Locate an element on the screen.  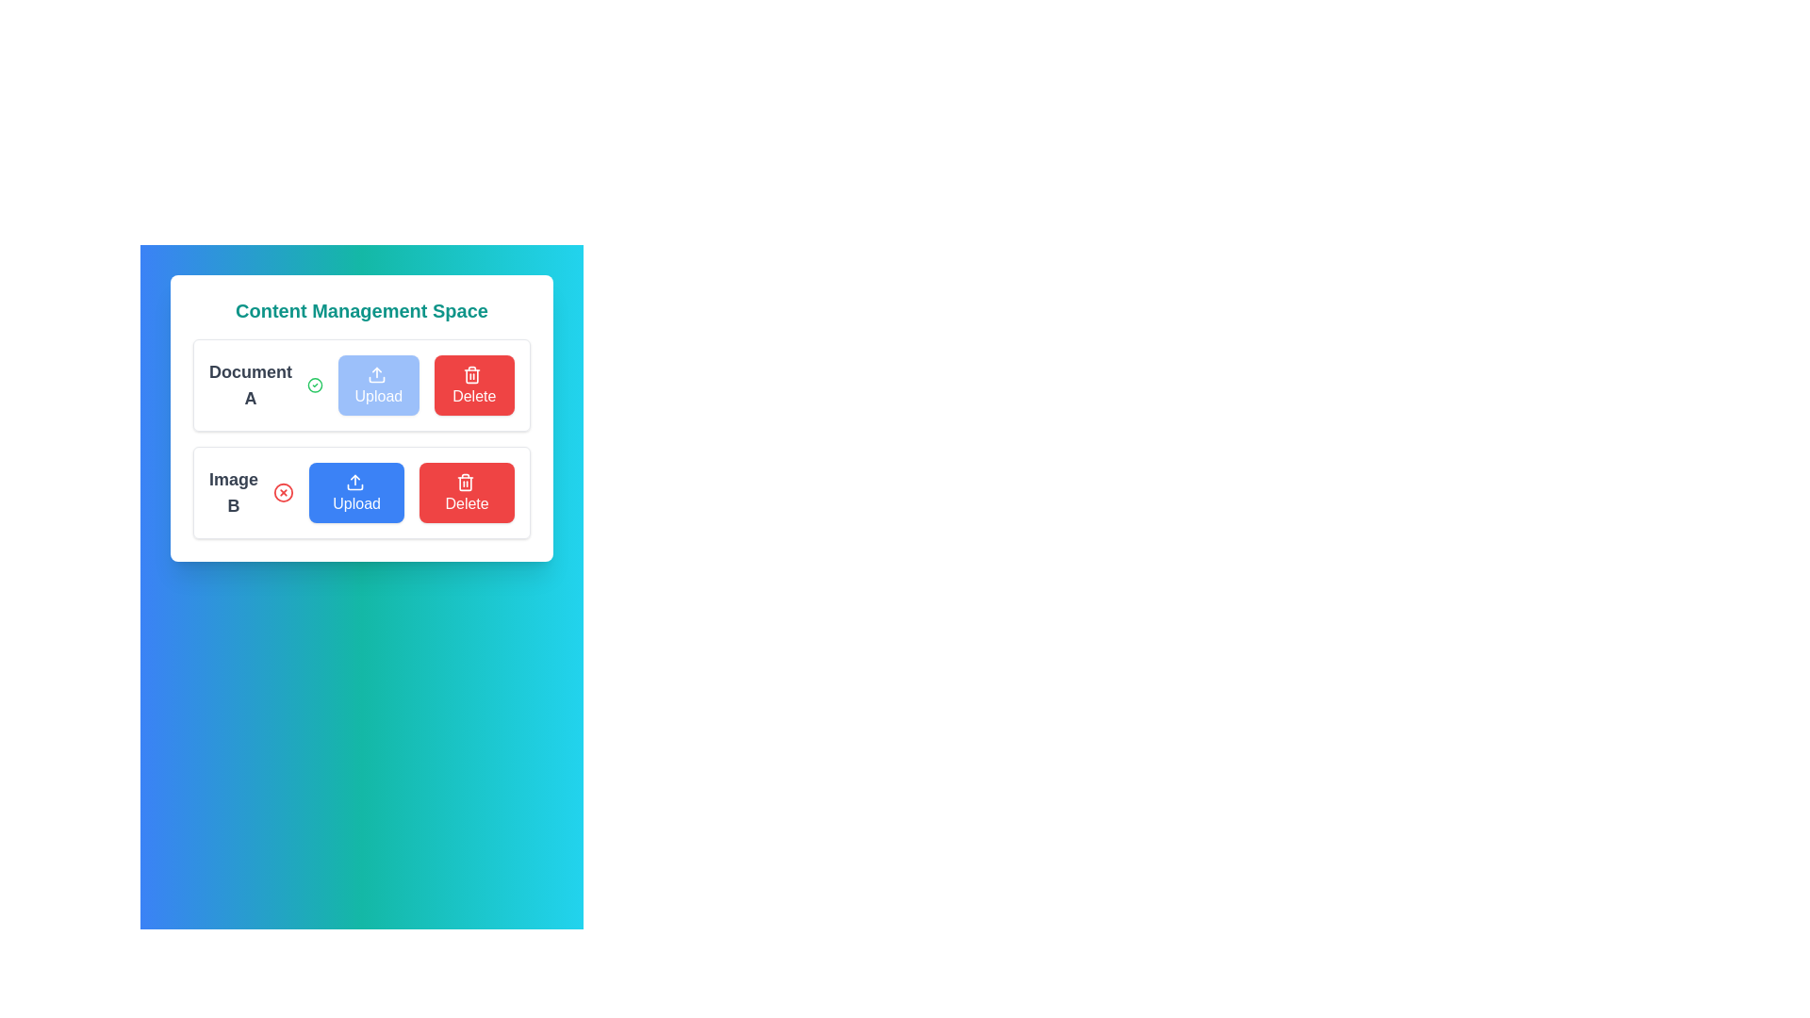
the upload icon represented by a small SVG icon with a wireframe outline and an upward-facing arrow, located in the 'Image B' section of the interface is located at coordinates (376, 374).